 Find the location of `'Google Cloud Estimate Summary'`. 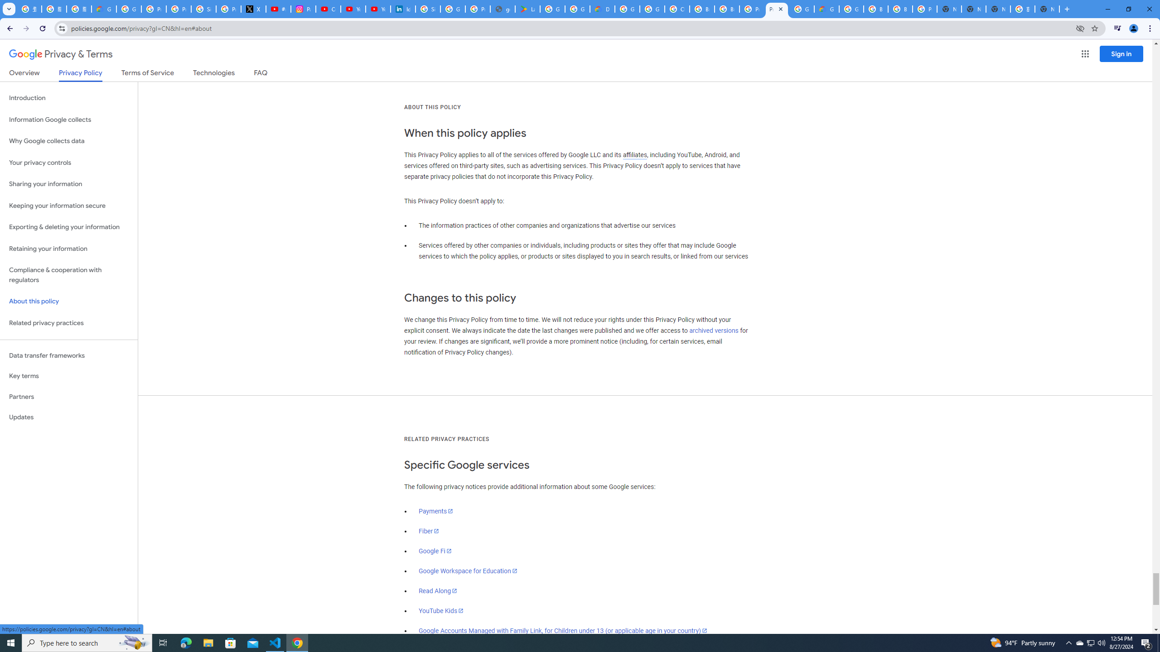

'Google Cloud Estimate Summary' is located at coordinates (826, 9).